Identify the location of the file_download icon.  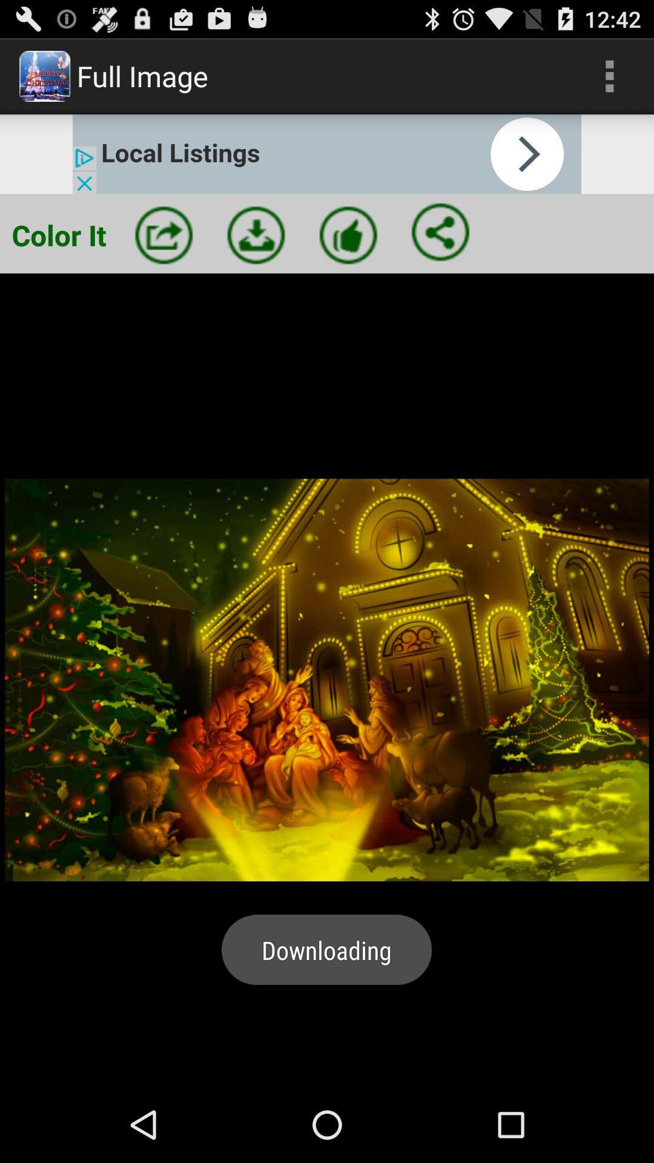
(256, 251).